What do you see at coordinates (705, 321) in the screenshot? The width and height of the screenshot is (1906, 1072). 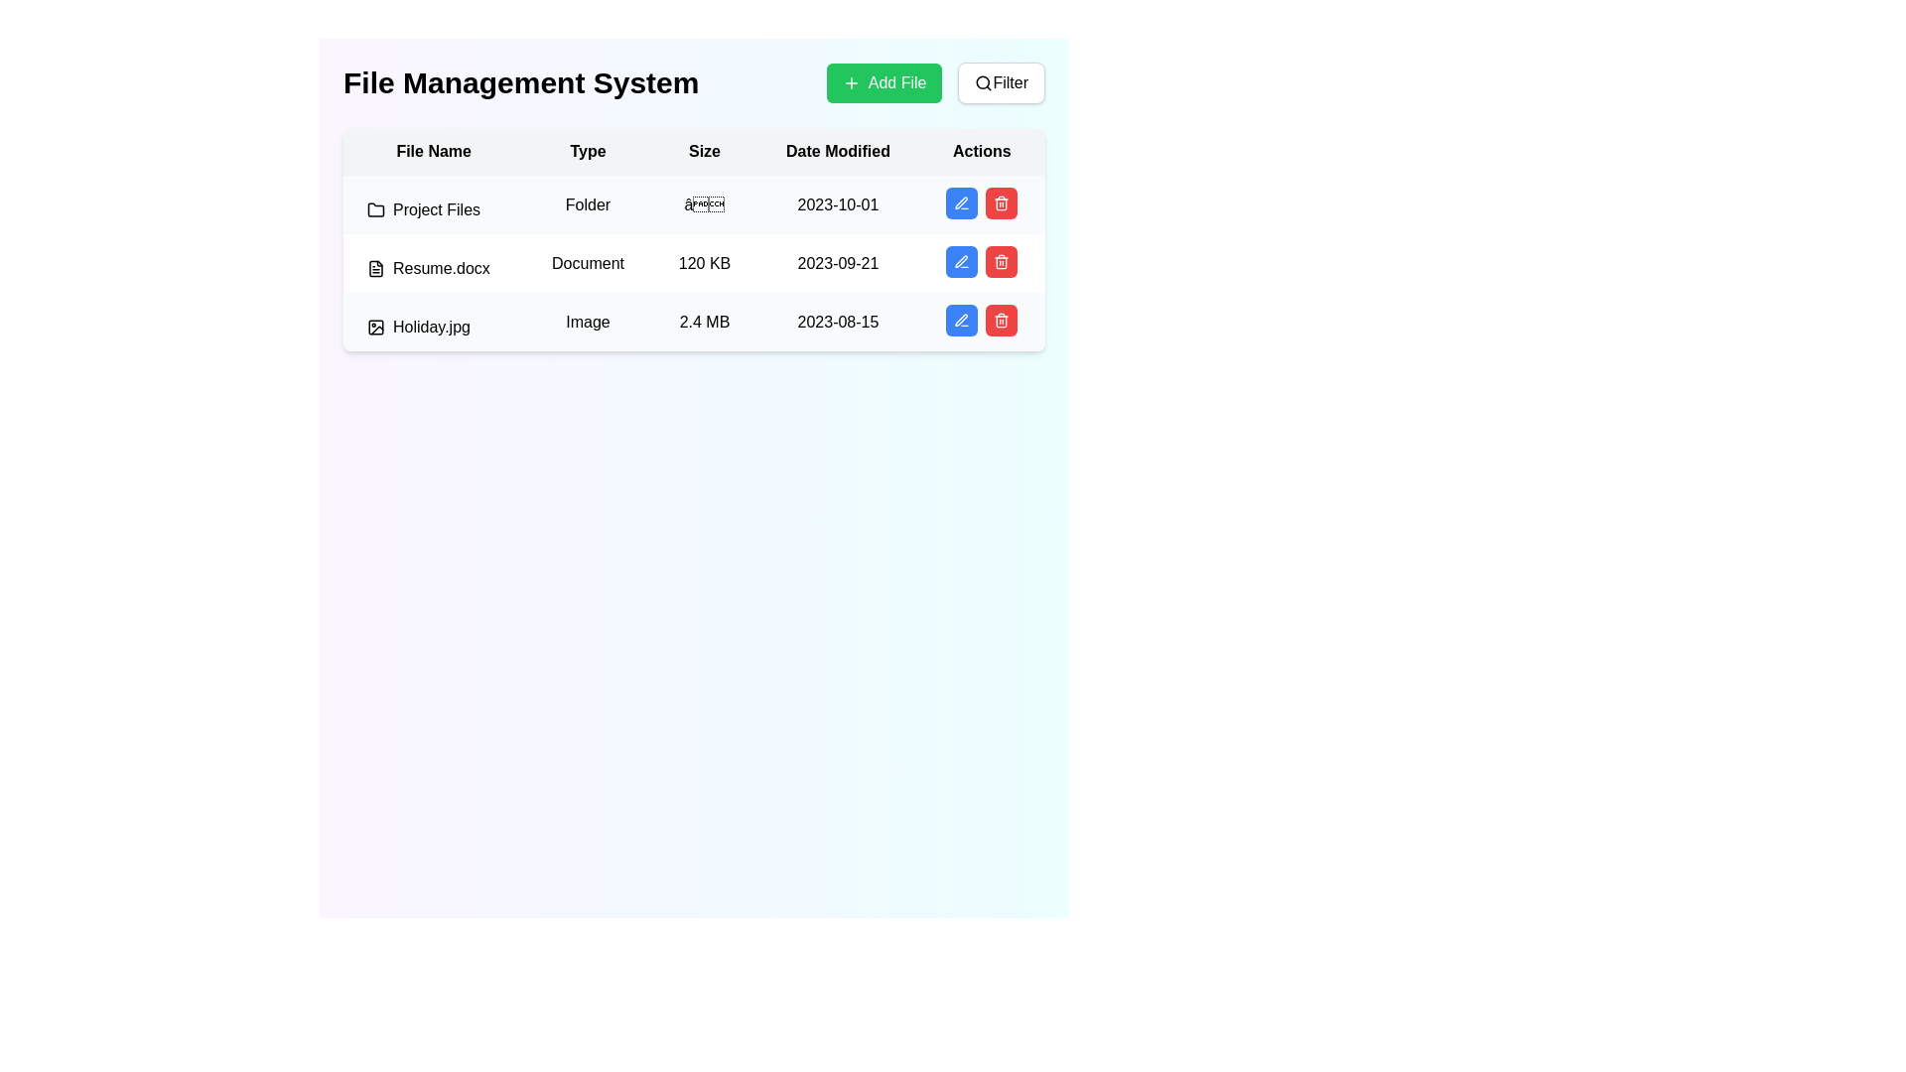 I see `the text display showing '2.4 MB' in the 'Size' column of the table for the file 'Holiday.jpg' for accessibility purposes` at bounding box center [705, 321].